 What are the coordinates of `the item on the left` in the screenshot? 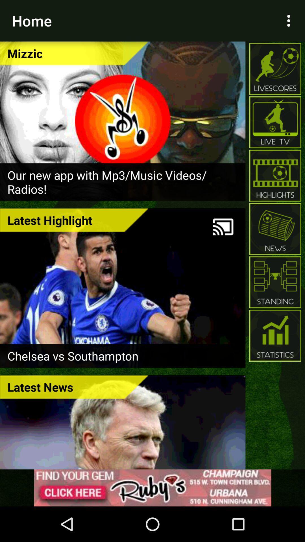 It's located at (74, 220).